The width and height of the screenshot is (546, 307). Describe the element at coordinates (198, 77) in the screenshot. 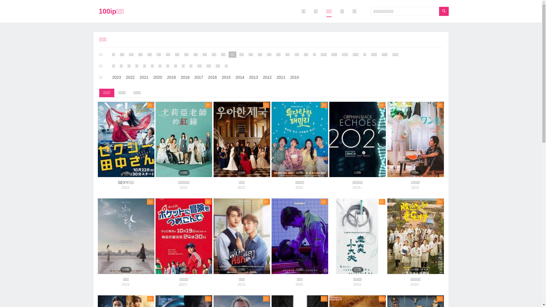

I see `'2017'` at that location.